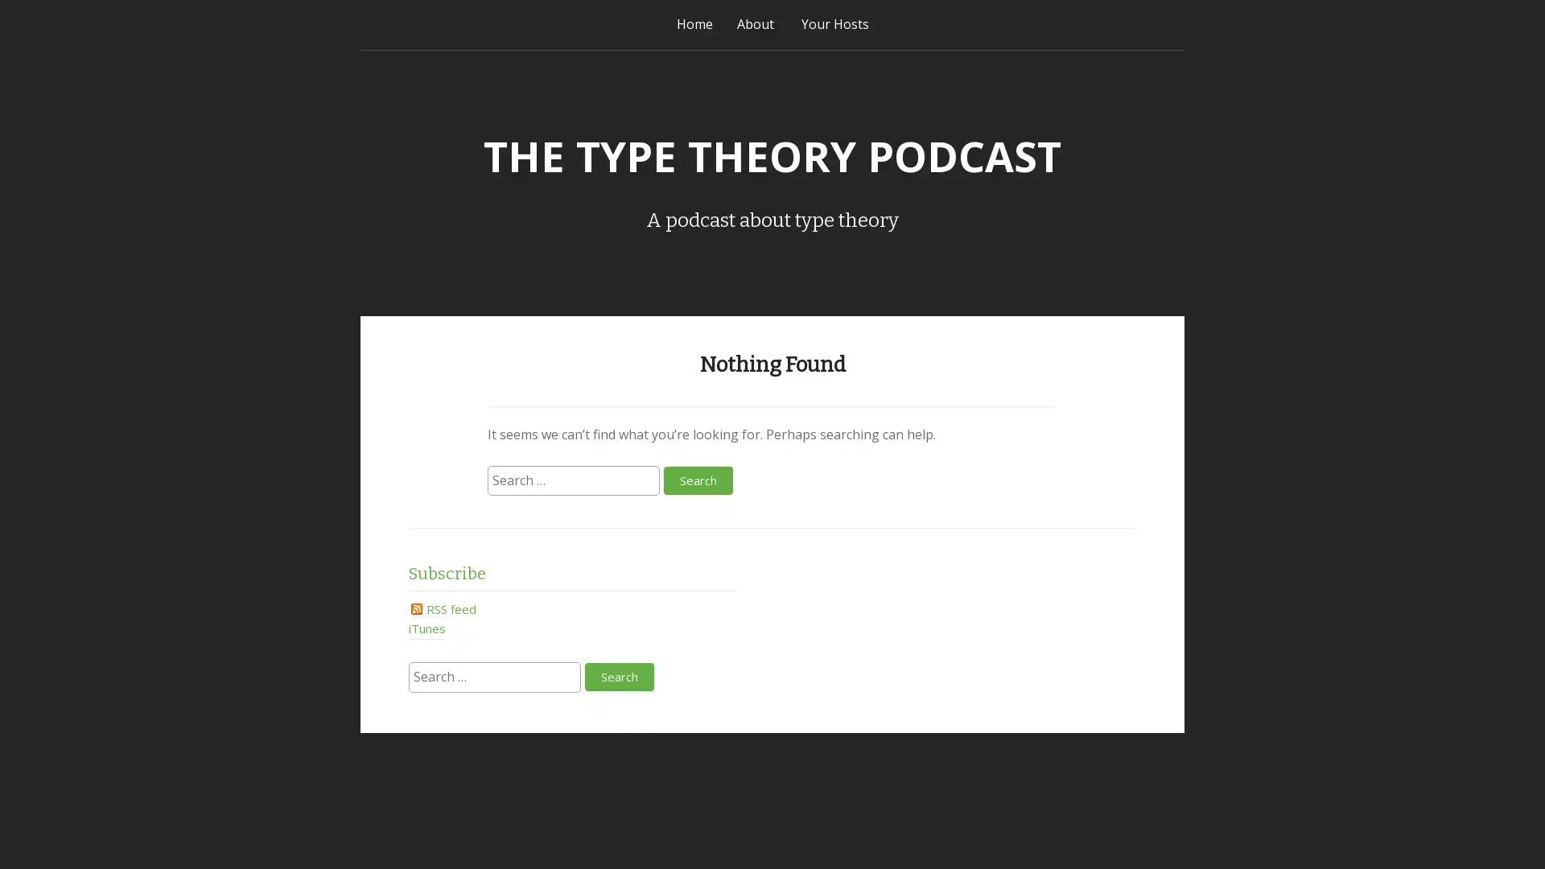 The height and width of the screenshot is (869, 1545). Describe the element at coordinates (618, 677) in the screenshot. I see `Search` at that location.